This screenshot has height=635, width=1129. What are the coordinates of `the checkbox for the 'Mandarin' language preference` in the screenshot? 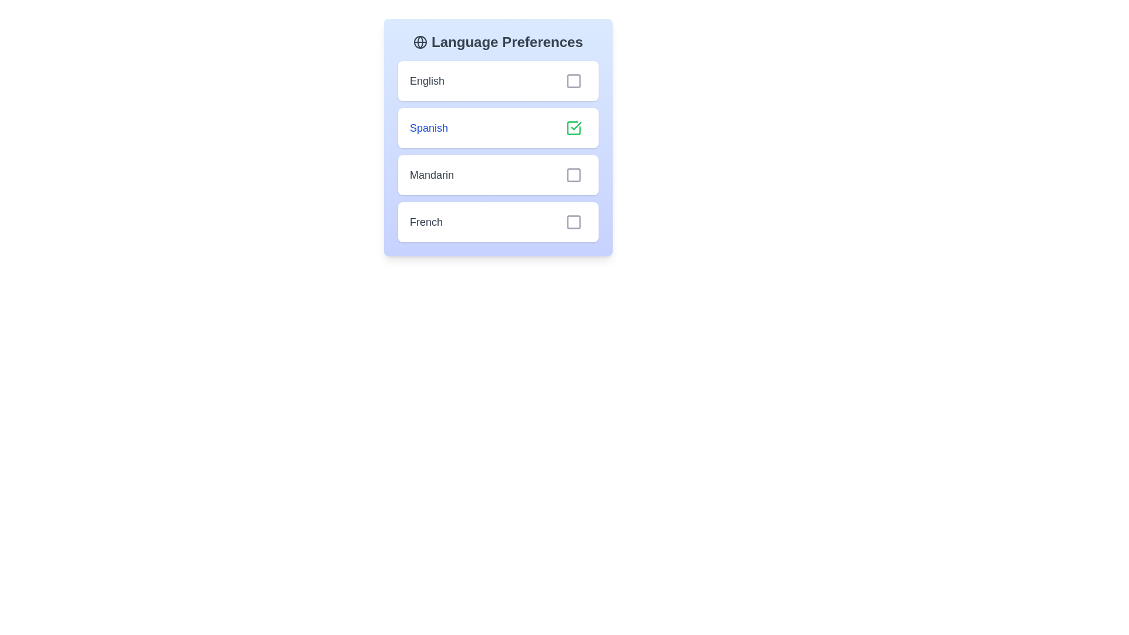 It's located at (573, 175).